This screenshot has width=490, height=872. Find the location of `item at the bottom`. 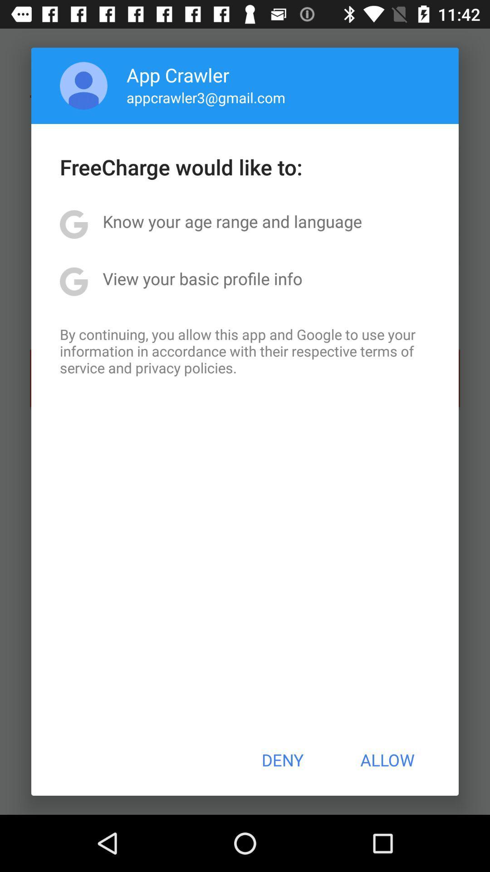

item at the bottom is located at coordinates (282, 760).